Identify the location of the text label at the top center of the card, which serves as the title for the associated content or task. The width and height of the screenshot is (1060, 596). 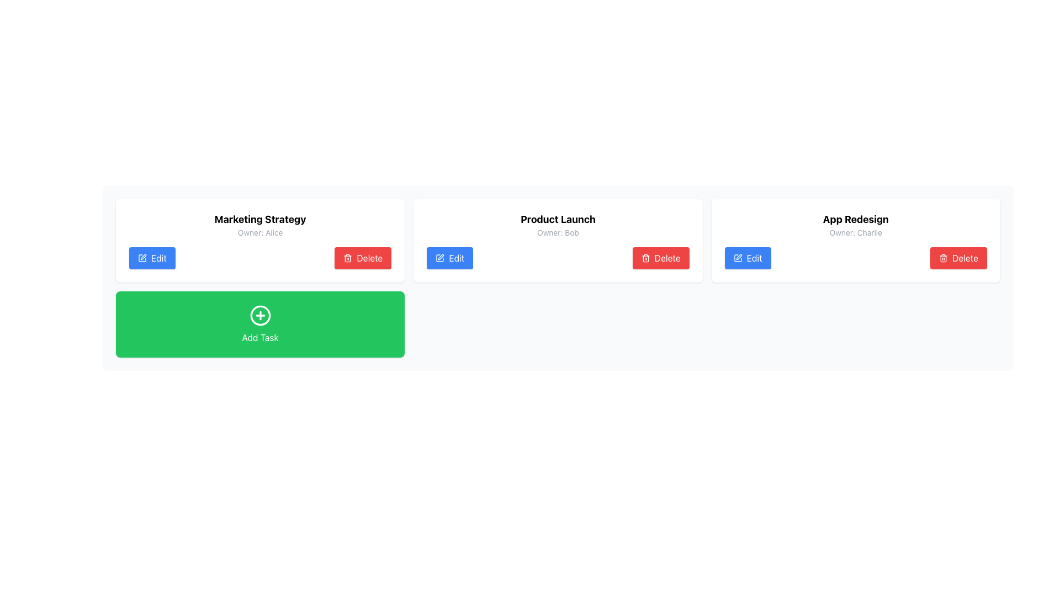
(259, 219).